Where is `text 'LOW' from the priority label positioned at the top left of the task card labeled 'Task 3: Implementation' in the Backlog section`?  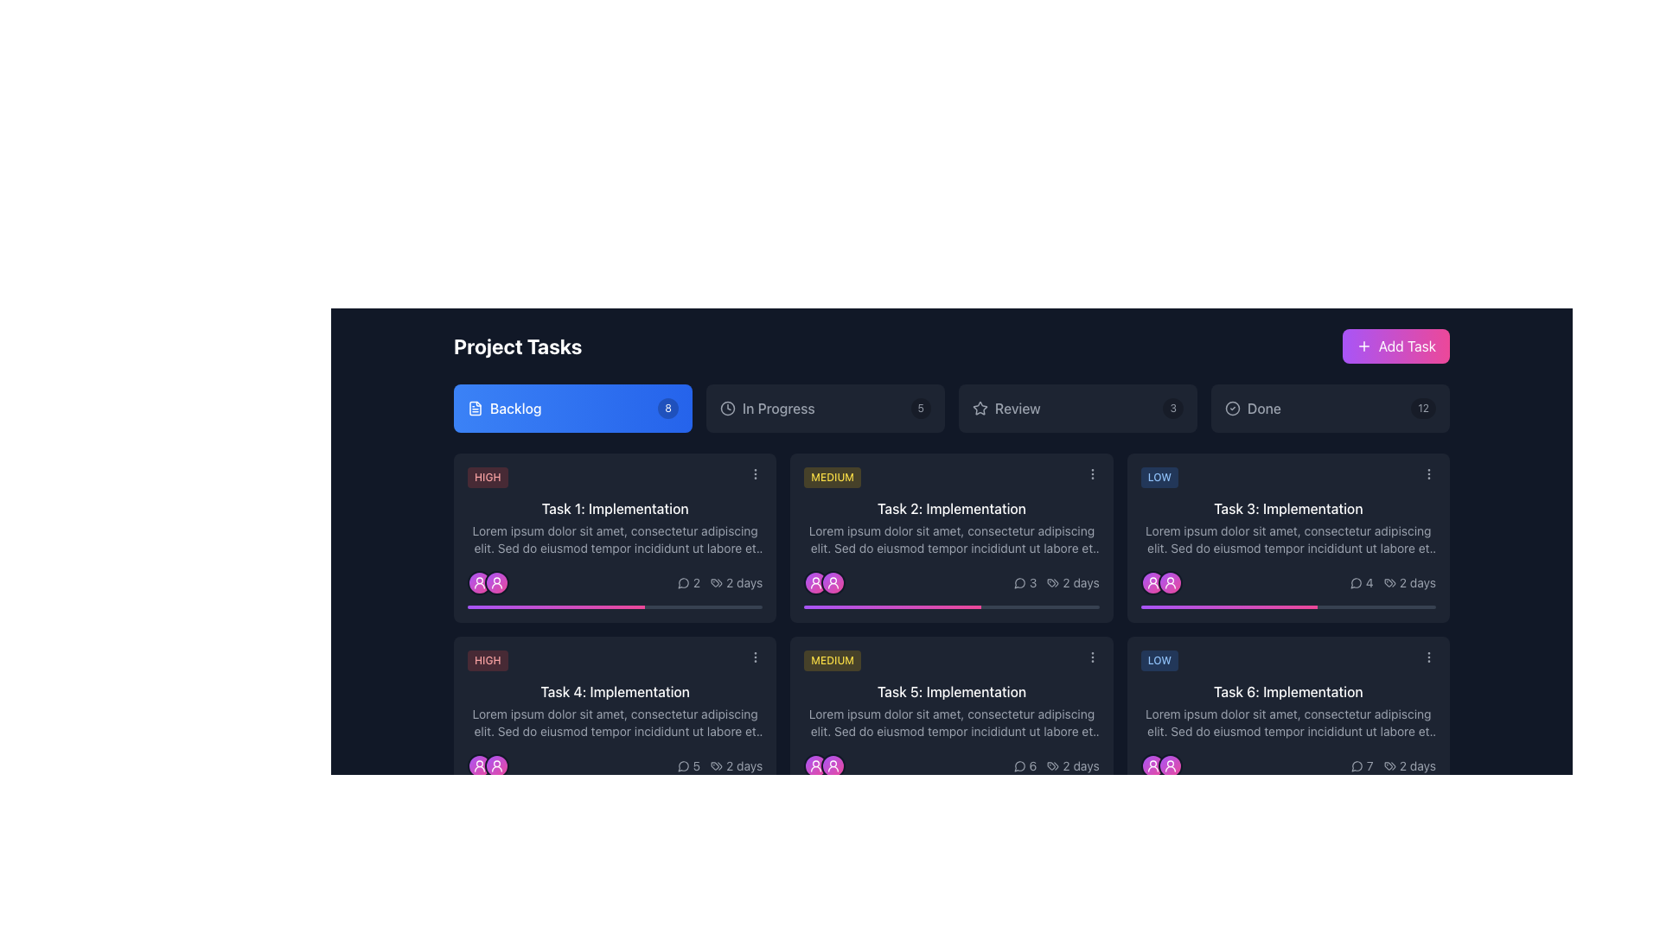
text 'LOW' from the priority label positioned at the top left of the task card labeled 'Task 3: Implementation' in the Backlog section is located at coordinates (1159, 477).